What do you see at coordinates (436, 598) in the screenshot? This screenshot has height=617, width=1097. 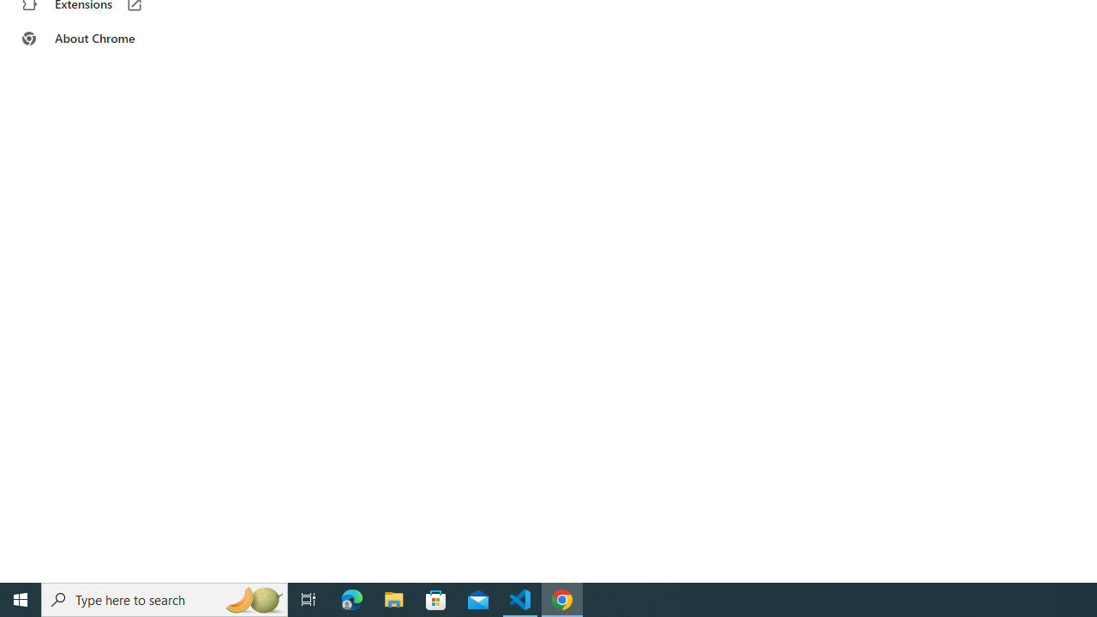 I see `'Microsoft Store'` at bounding box center [436, 598].